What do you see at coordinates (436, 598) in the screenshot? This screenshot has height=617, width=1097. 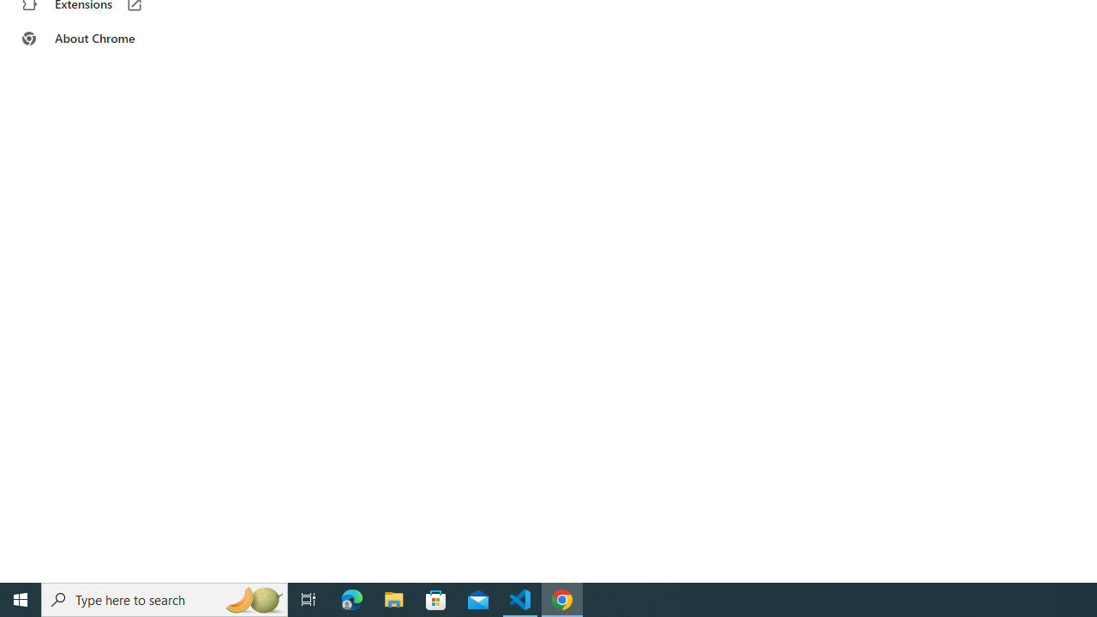 I see `'Microsoft Store'` at bounding box center [436, 598].